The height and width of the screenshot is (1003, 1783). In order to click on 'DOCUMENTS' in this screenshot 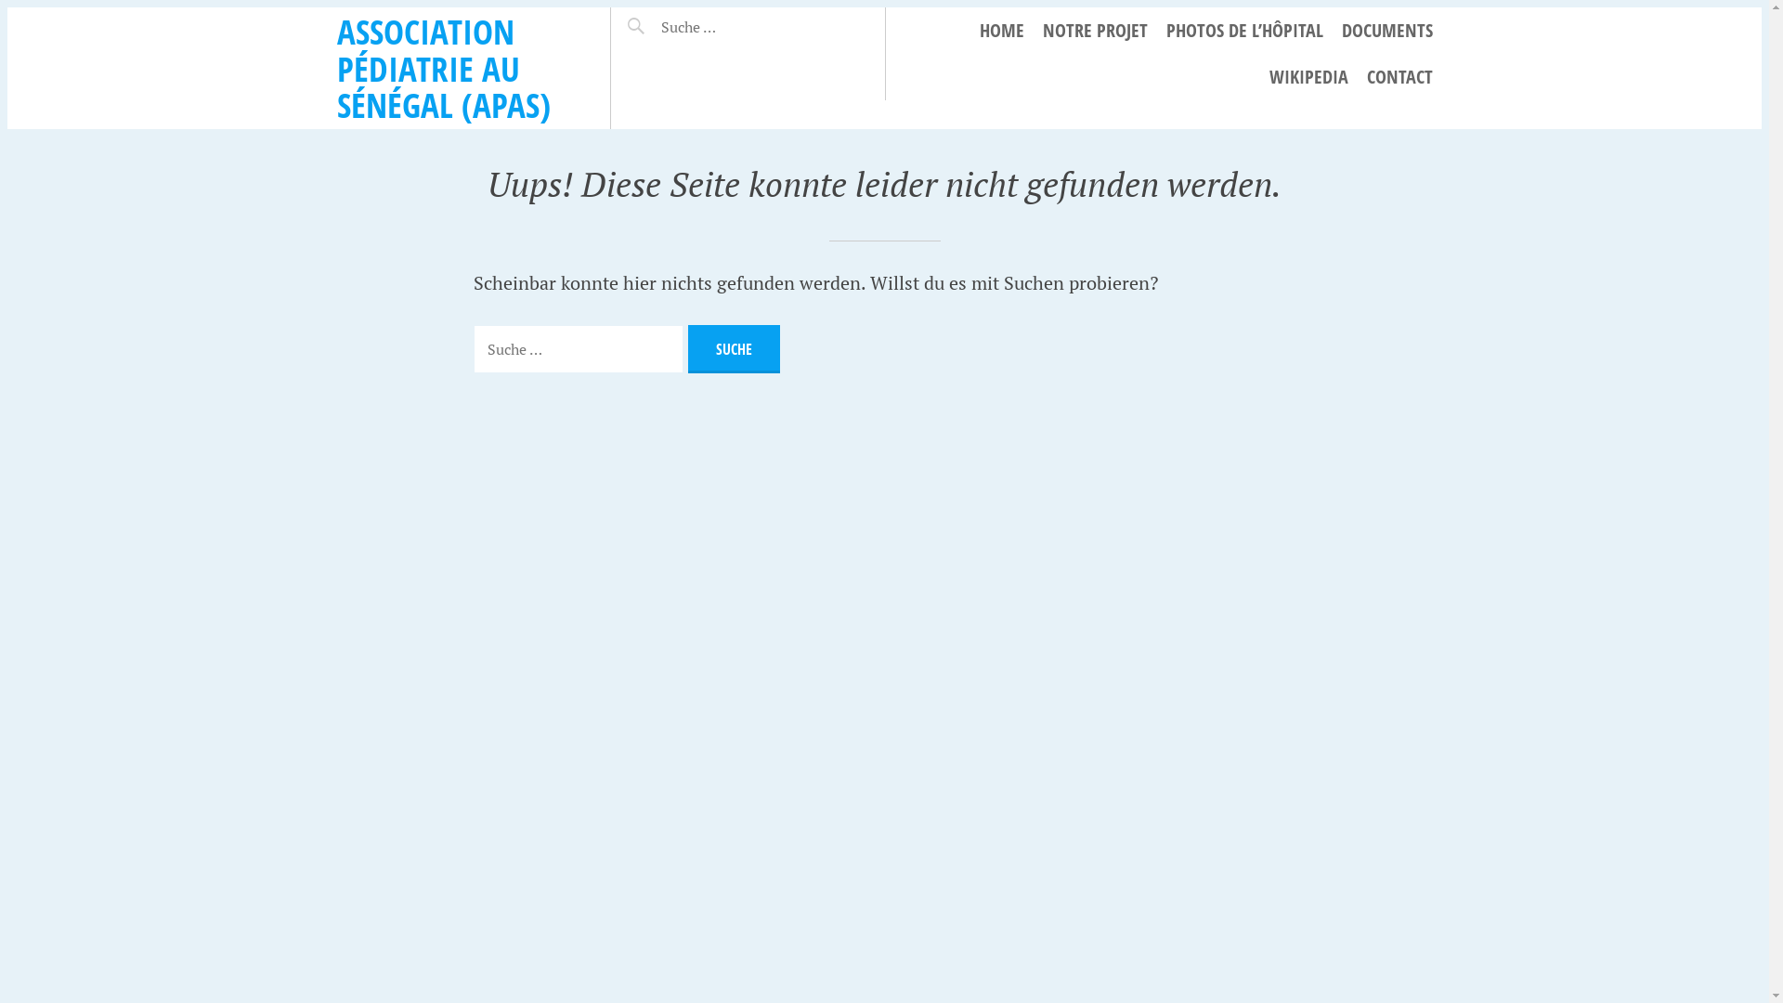, I will do `click(1341, 31)`.